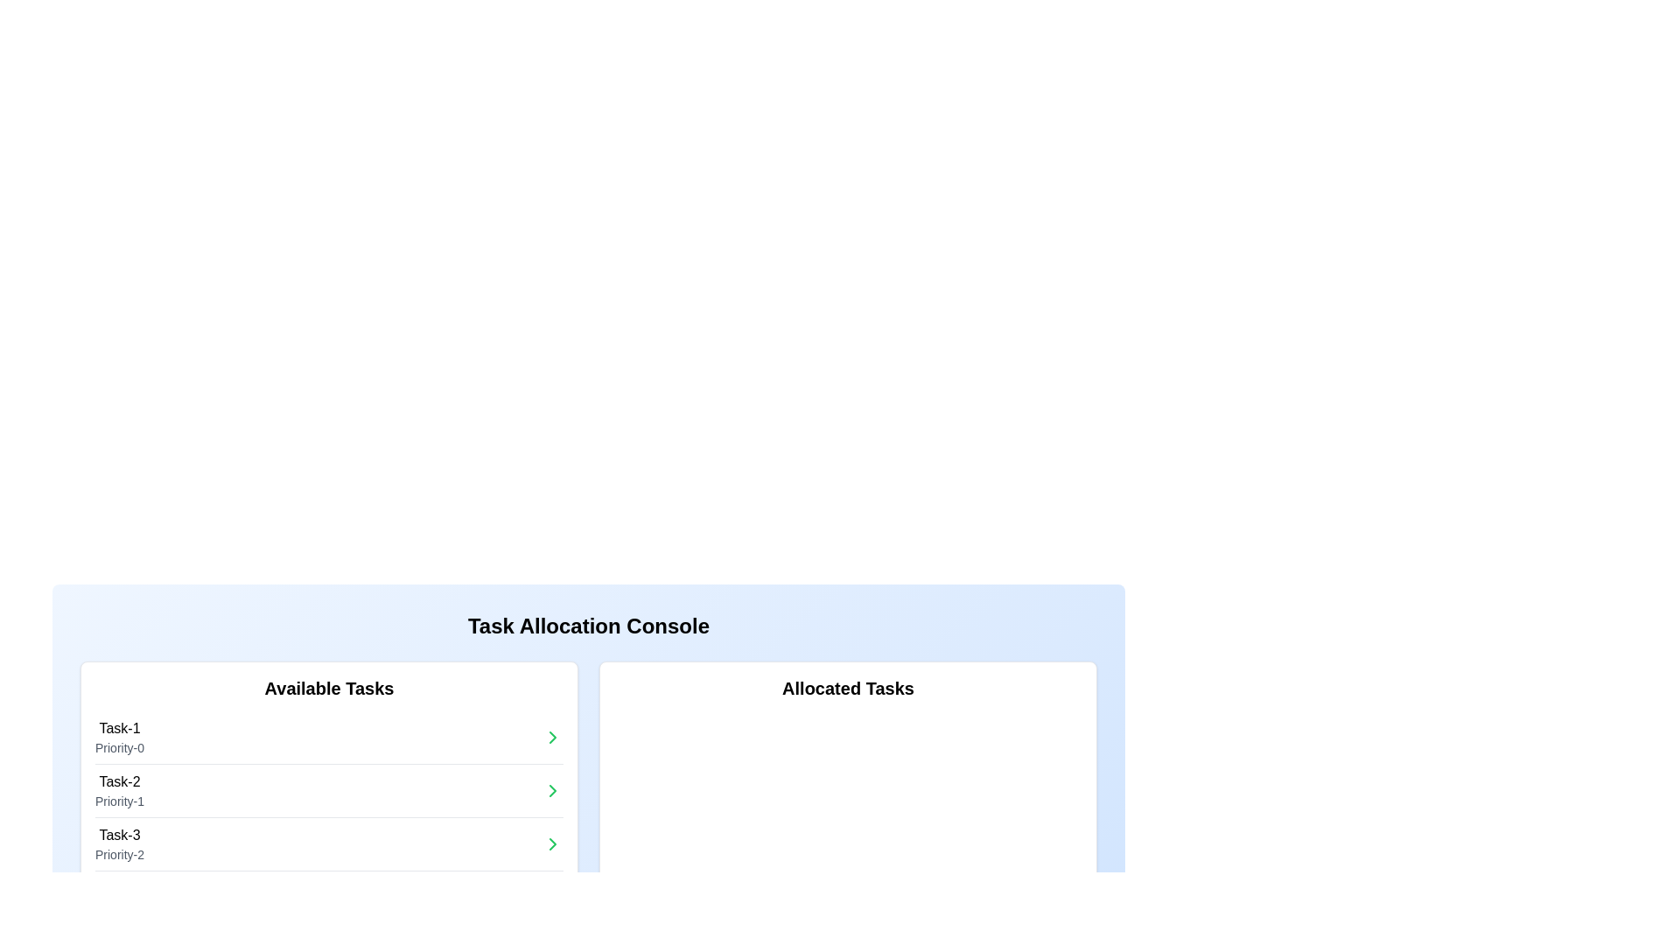 The image size is (1680, 945). What do you see at coordinates (552, 790) in the screenshot?
I see `the right-pointing chevron icon in the 'Available Tasks' section` at bounding box center [552, 790].